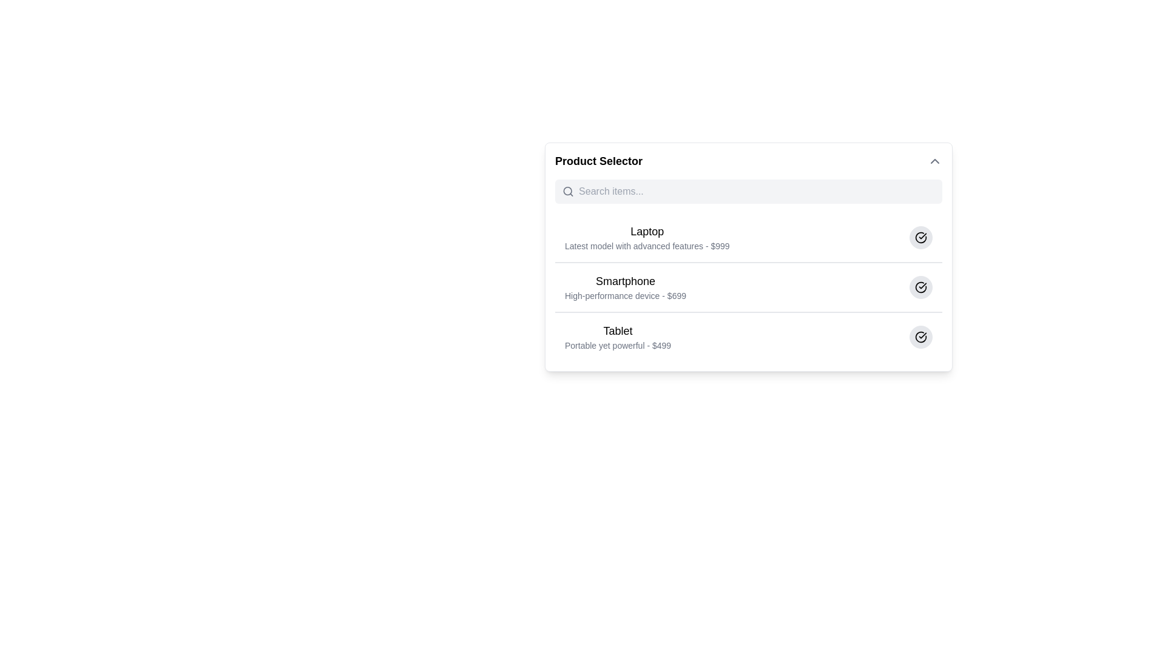  Describe the element at coordinates (626, 281) in the screenshot. I see `the primary title label of the second product option, which is centered above the descriptive text 'High-performance device - $699'` at that location.